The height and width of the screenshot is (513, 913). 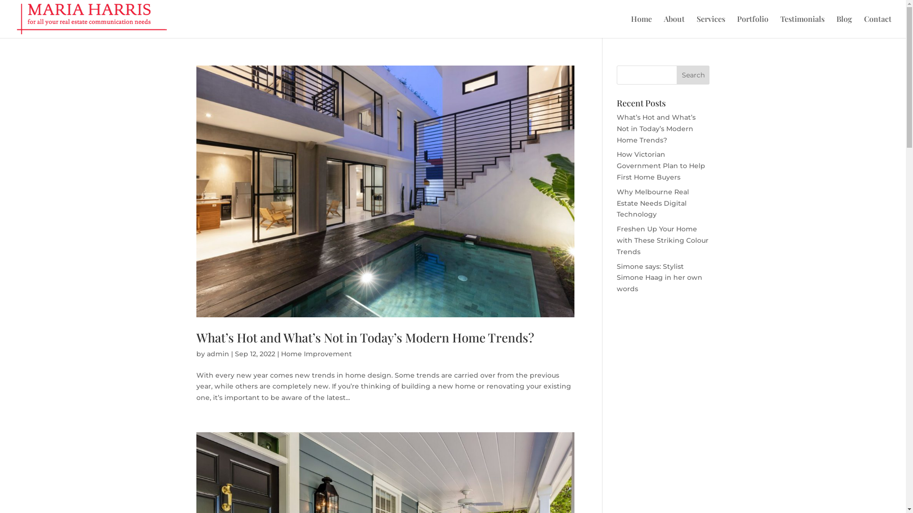 What do you see at coordinates (641, 26) in the screenshot?
I see `'Home'` at bounding box center [641, 26].